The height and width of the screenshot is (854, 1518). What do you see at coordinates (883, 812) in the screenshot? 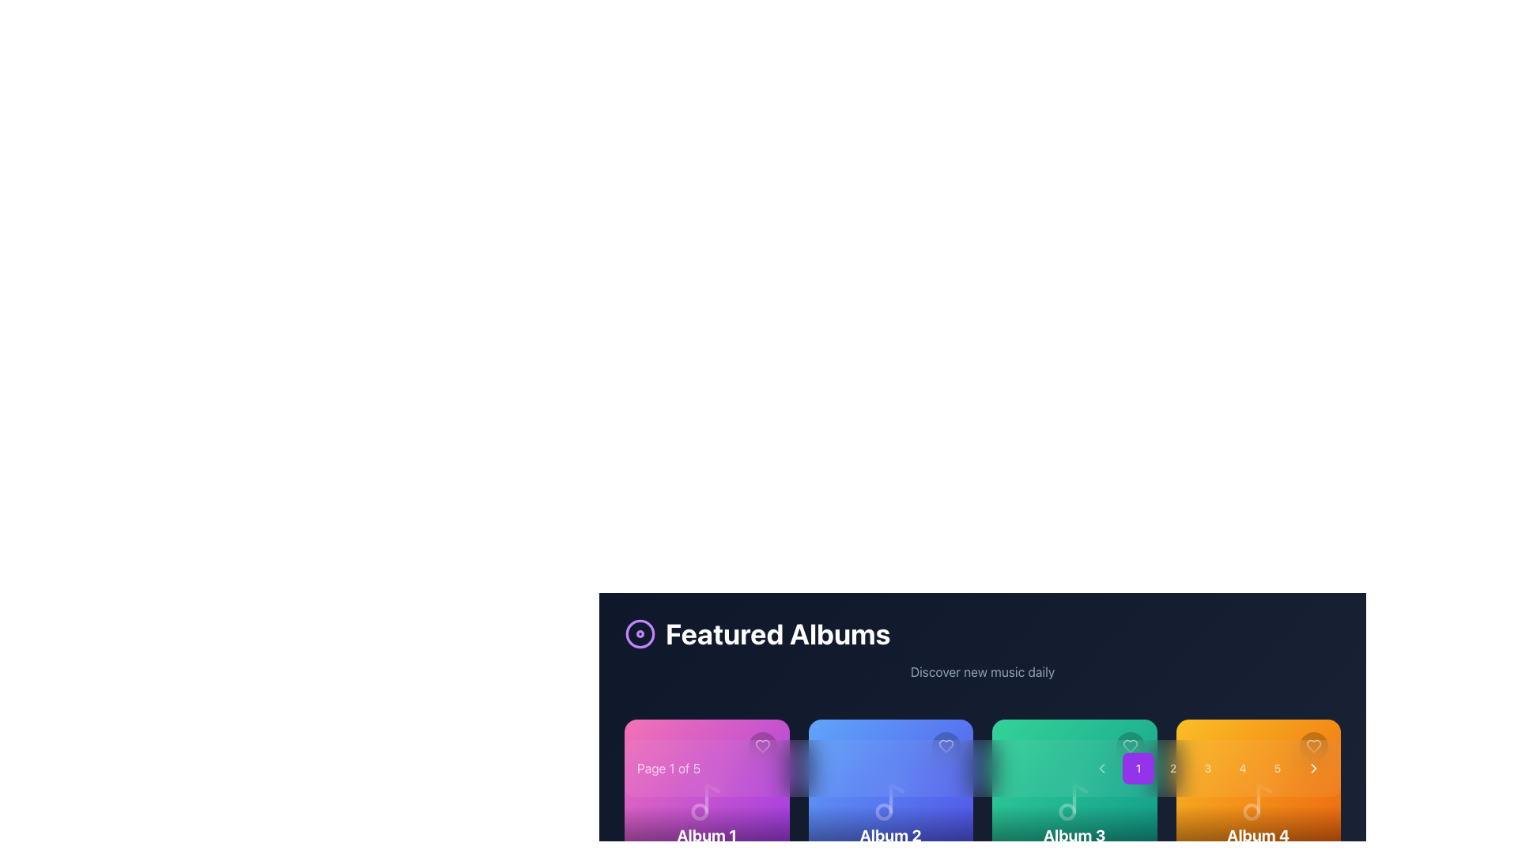
I see `the decorative circular graphical element within the 'Album 2' card to understand the icon's context` at bounding box center [883, 812].